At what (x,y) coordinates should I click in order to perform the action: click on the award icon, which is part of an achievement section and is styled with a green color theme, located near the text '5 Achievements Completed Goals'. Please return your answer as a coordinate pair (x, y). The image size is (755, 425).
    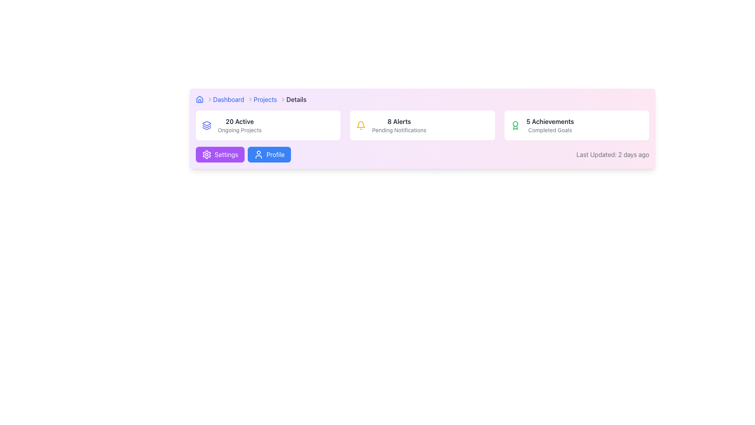
    Looking at the image, I should click on (515, 127).